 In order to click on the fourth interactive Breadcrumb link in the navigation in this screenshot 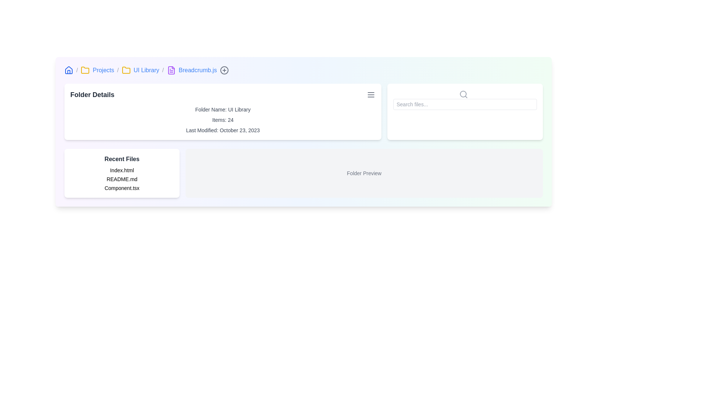, I will do `click(146, 70)`.